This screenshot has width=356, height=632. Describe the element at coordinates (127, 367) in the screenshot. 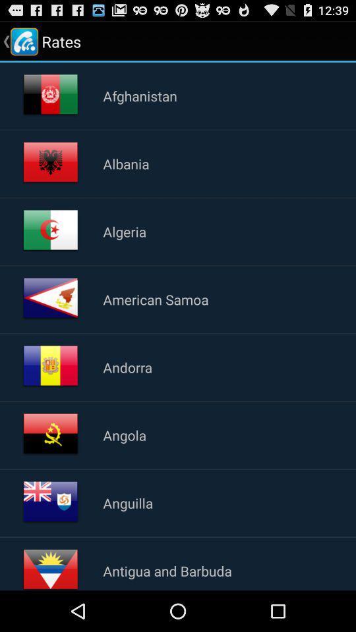

I see `the item below american samoa` at that location.